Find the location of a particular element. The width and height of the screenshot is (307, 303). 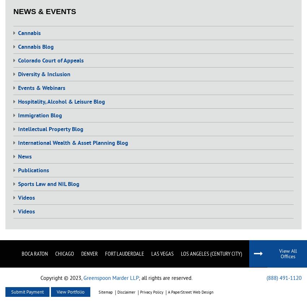

'View All Offices' is located at coordinates (287, 253).